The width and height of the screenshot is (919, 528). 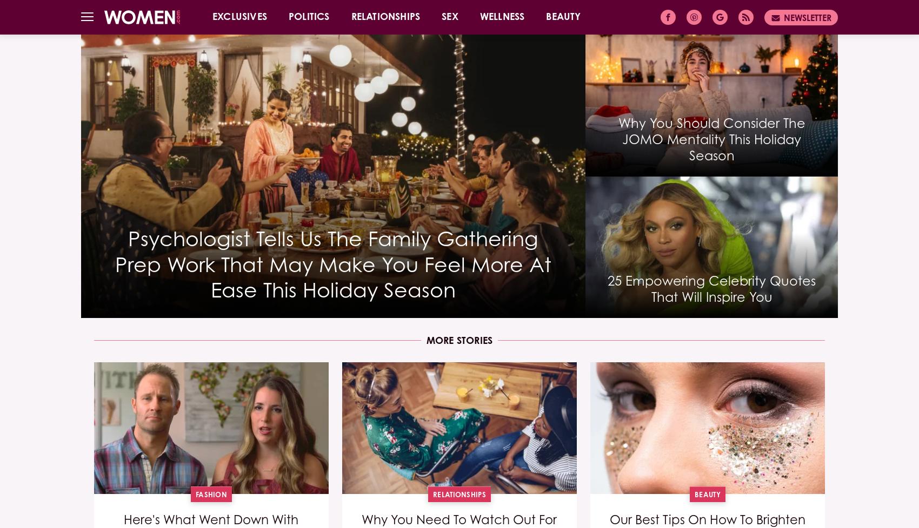 What do you see at coordinates (115, 264) in the screenshot?
I see `'Psychologist Tells Us The Family Gathering Prep Work That May Make You Feel More At Ease This Holiday Season'` at bounding box center [115, 264].